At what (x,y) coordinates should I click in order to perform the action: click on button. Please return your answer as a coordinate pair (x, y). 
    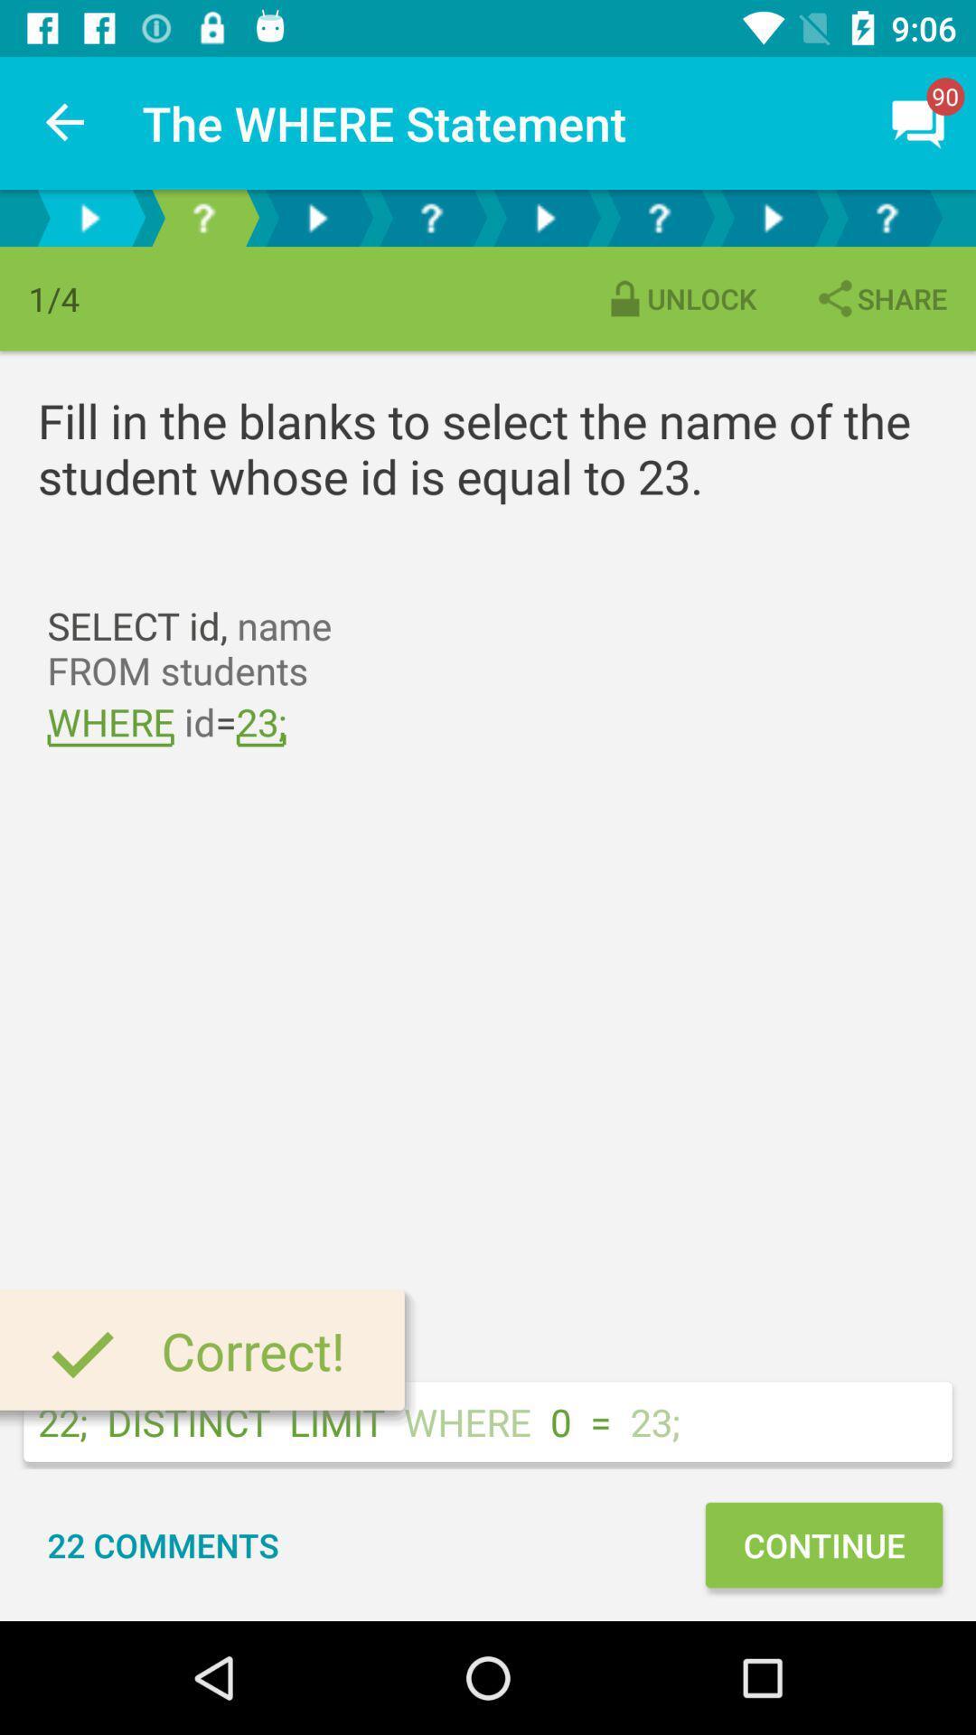
    Looking at the image, I should click on (543, 217).